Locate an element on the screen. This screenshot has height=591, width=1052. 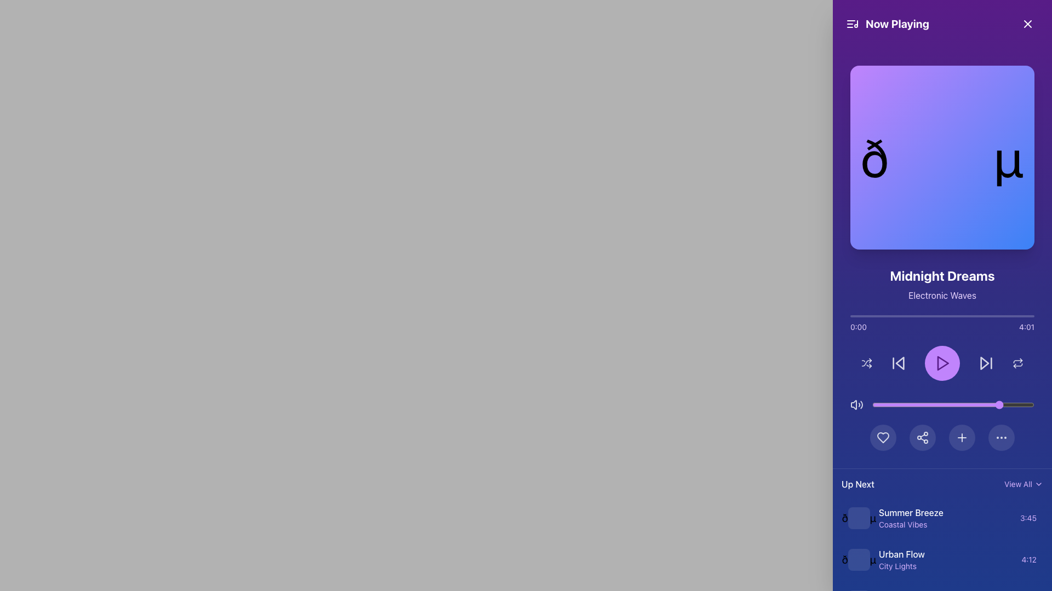
text from the 'Now Playing' section header, which is a Text label with an adjacent musical note icon located in the top-left corner of the right panel header is located at coordinates (887, 24).